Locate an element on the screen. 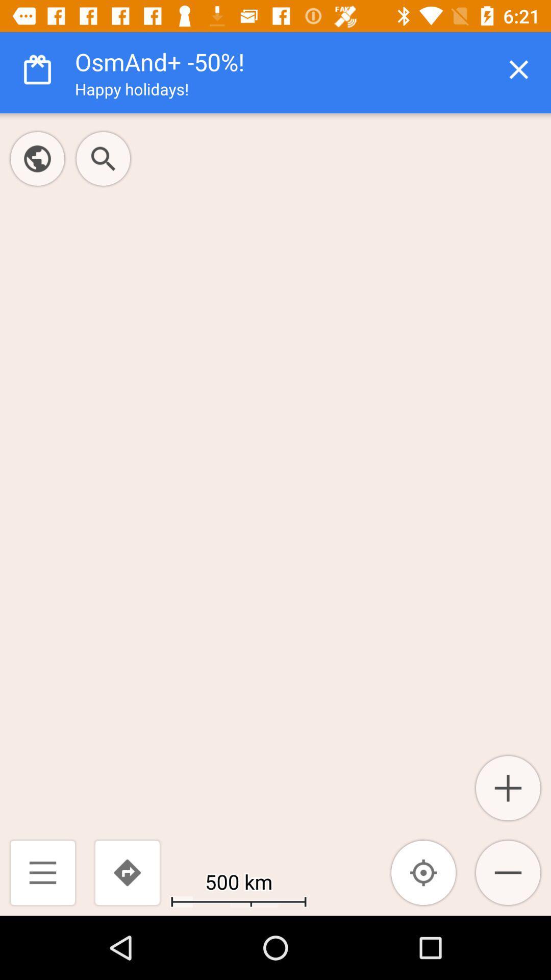 The height and width of the screenshot is (980, 551). the search icon is located at coordinates (103, 158).